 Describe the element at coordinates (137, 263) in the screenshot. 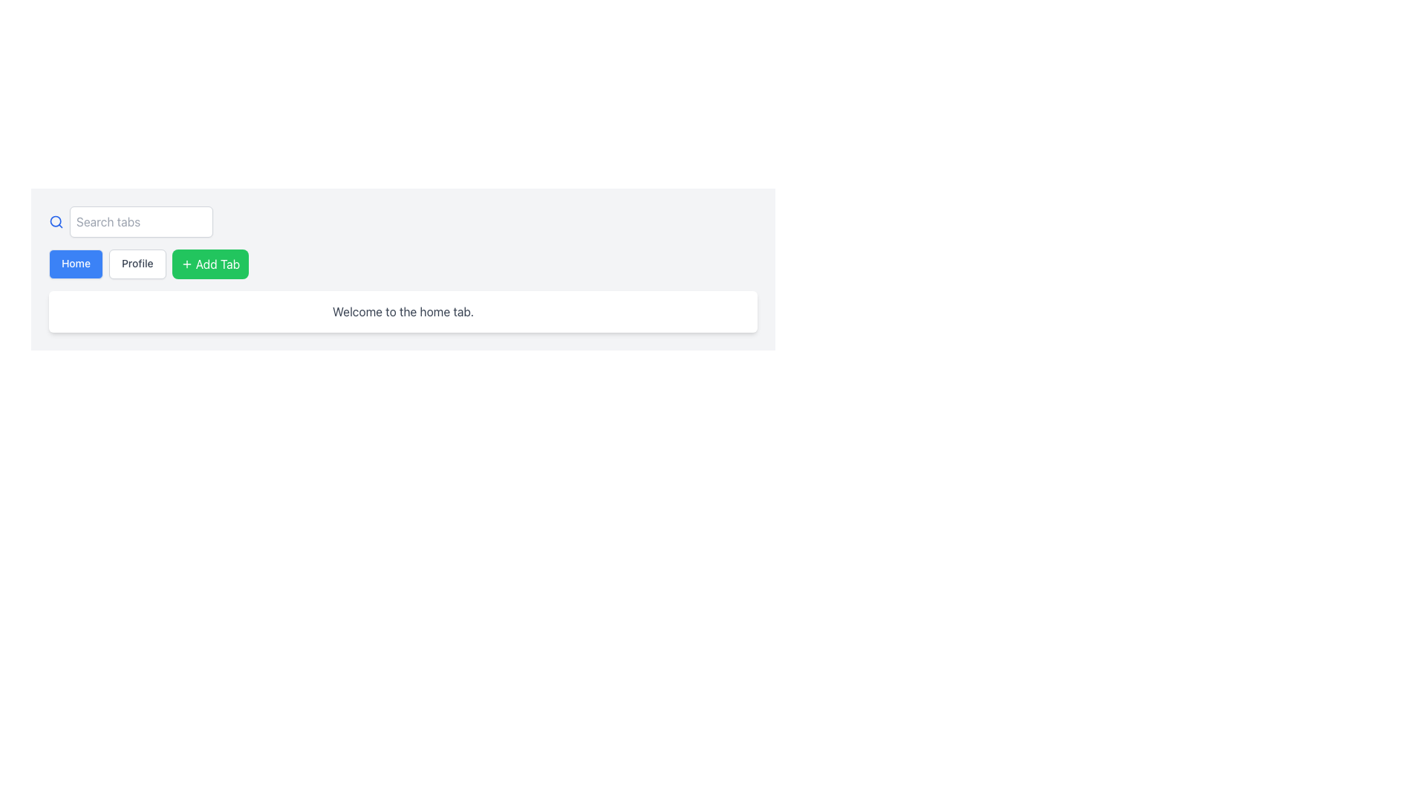

I see `the rectangular 'Profile' button with a white background and gray borders, located between the 'Home' and 'Add Tab' buttons` at that location.